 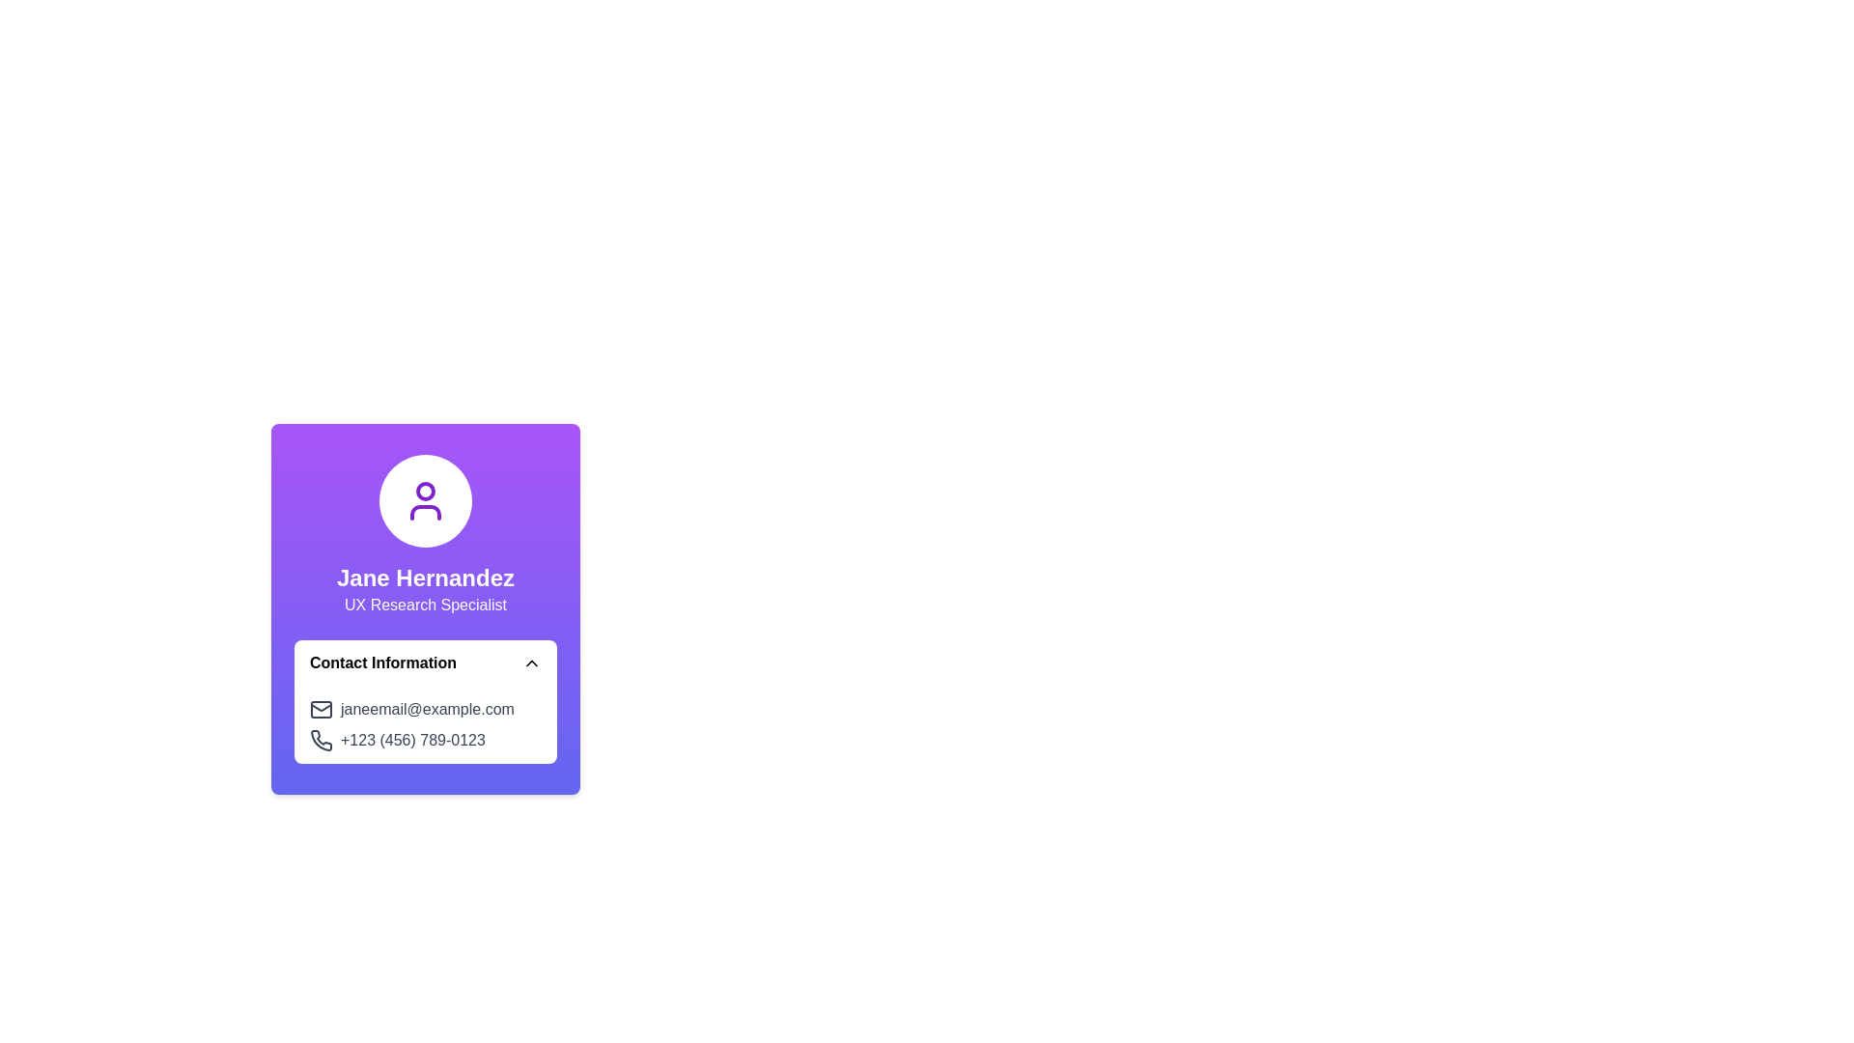 I want to click on the lower part of the user icon, which represents the body or torso outline, located inside the circular white area in the purple header card, so click(x=425, y=512).